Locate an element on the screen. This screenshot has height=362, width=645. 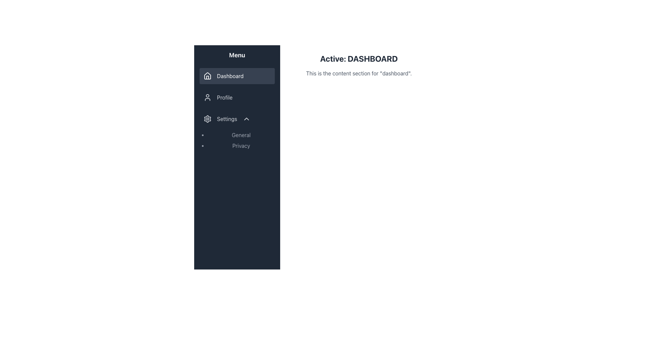
the 'Settings' menu item, which is the third item in the sidebar and features a gear icon is located at coordinates (237, 118).